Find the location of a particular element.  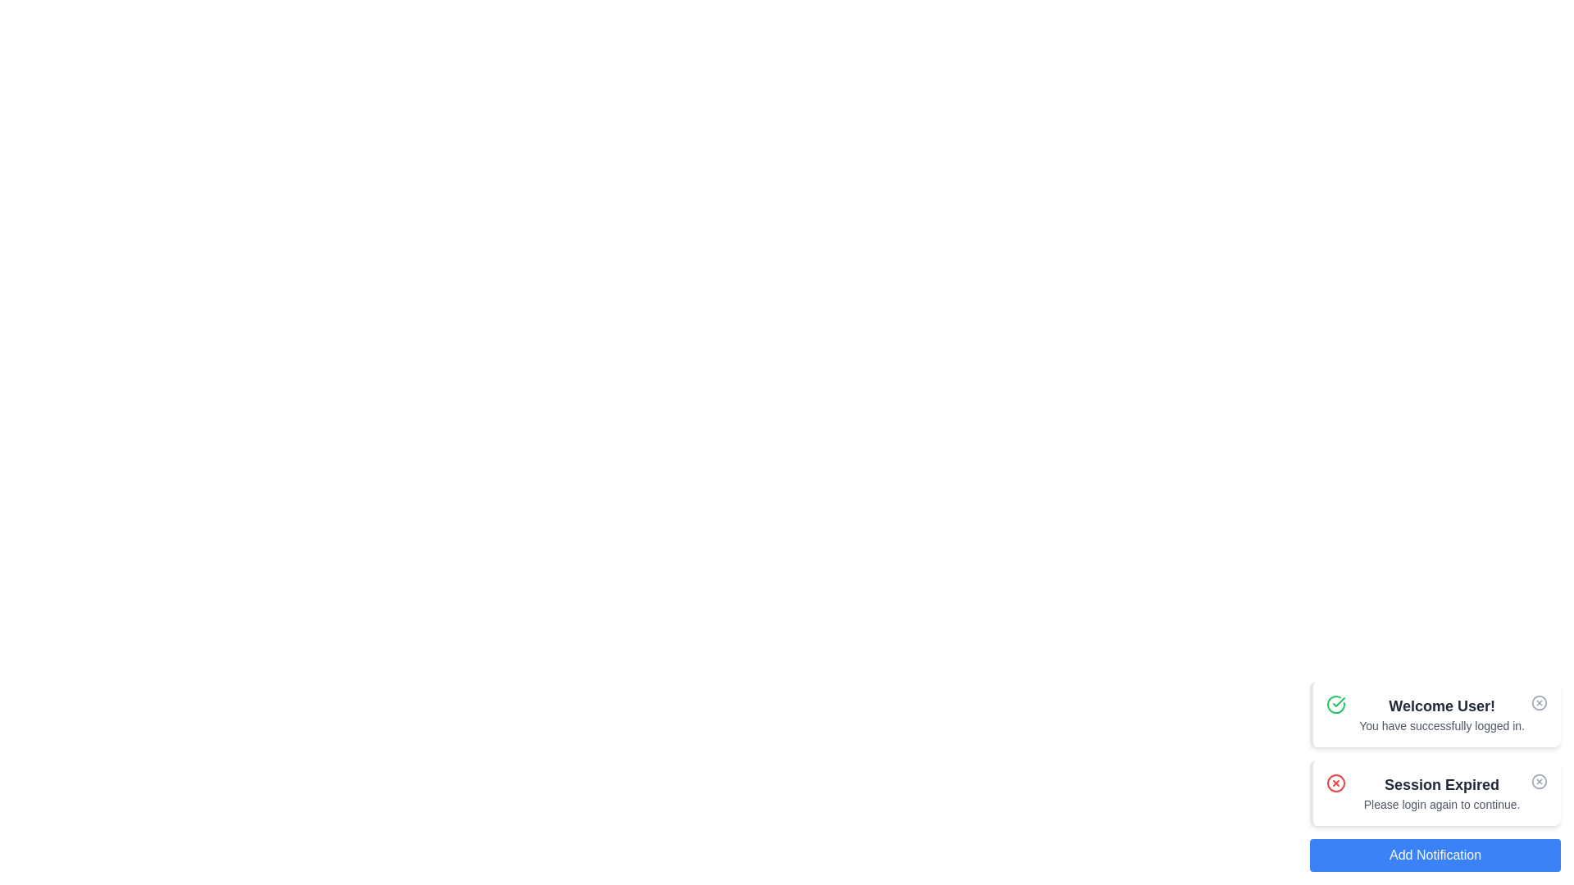

the close button of the notification with the title Session Expired is located at coordinates (1538, 780).